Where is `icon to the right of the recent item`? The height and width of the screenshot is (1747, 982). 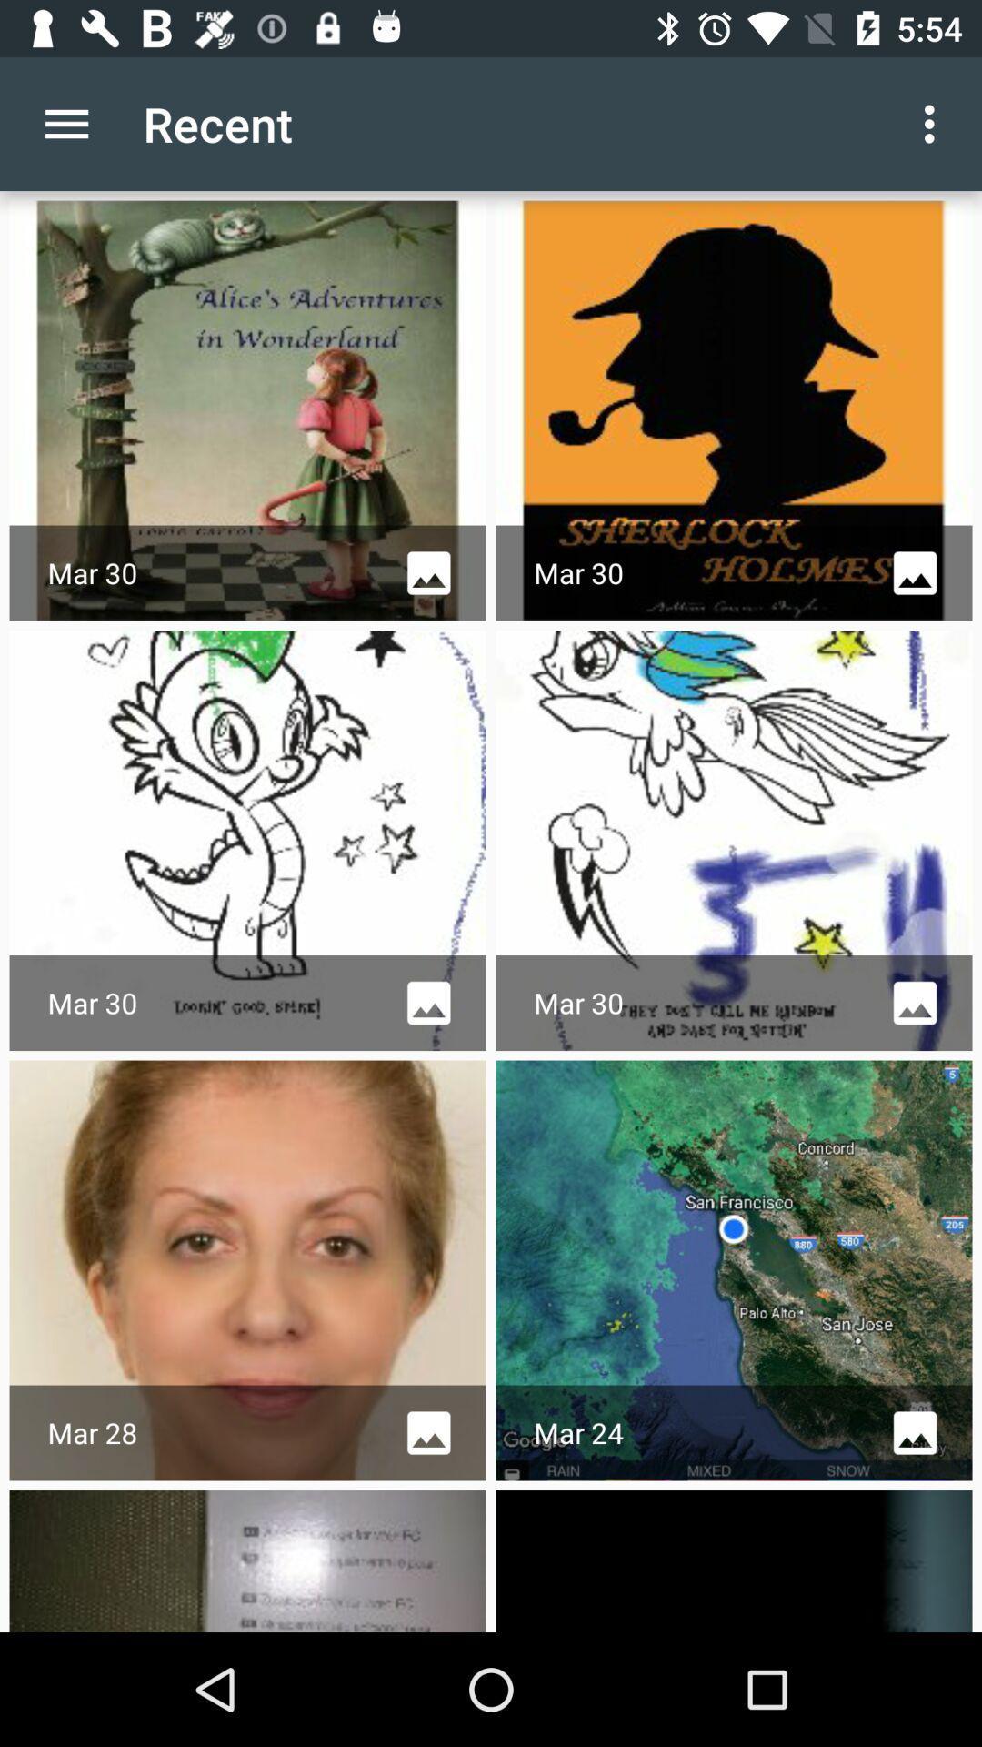
icon to the right of the recent item is located at coordinates (934, 123).